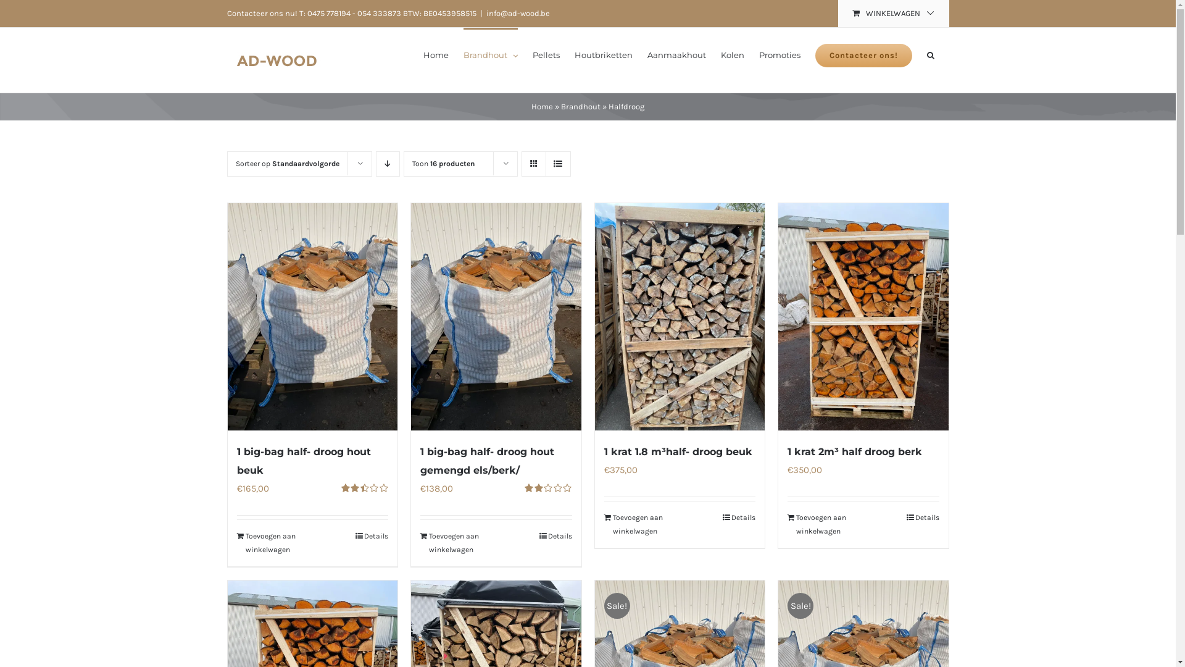  What do you see at coordinates (580, 106) in the screenshot?
I see `'Brandhout'` at bounding box center [580, 106].